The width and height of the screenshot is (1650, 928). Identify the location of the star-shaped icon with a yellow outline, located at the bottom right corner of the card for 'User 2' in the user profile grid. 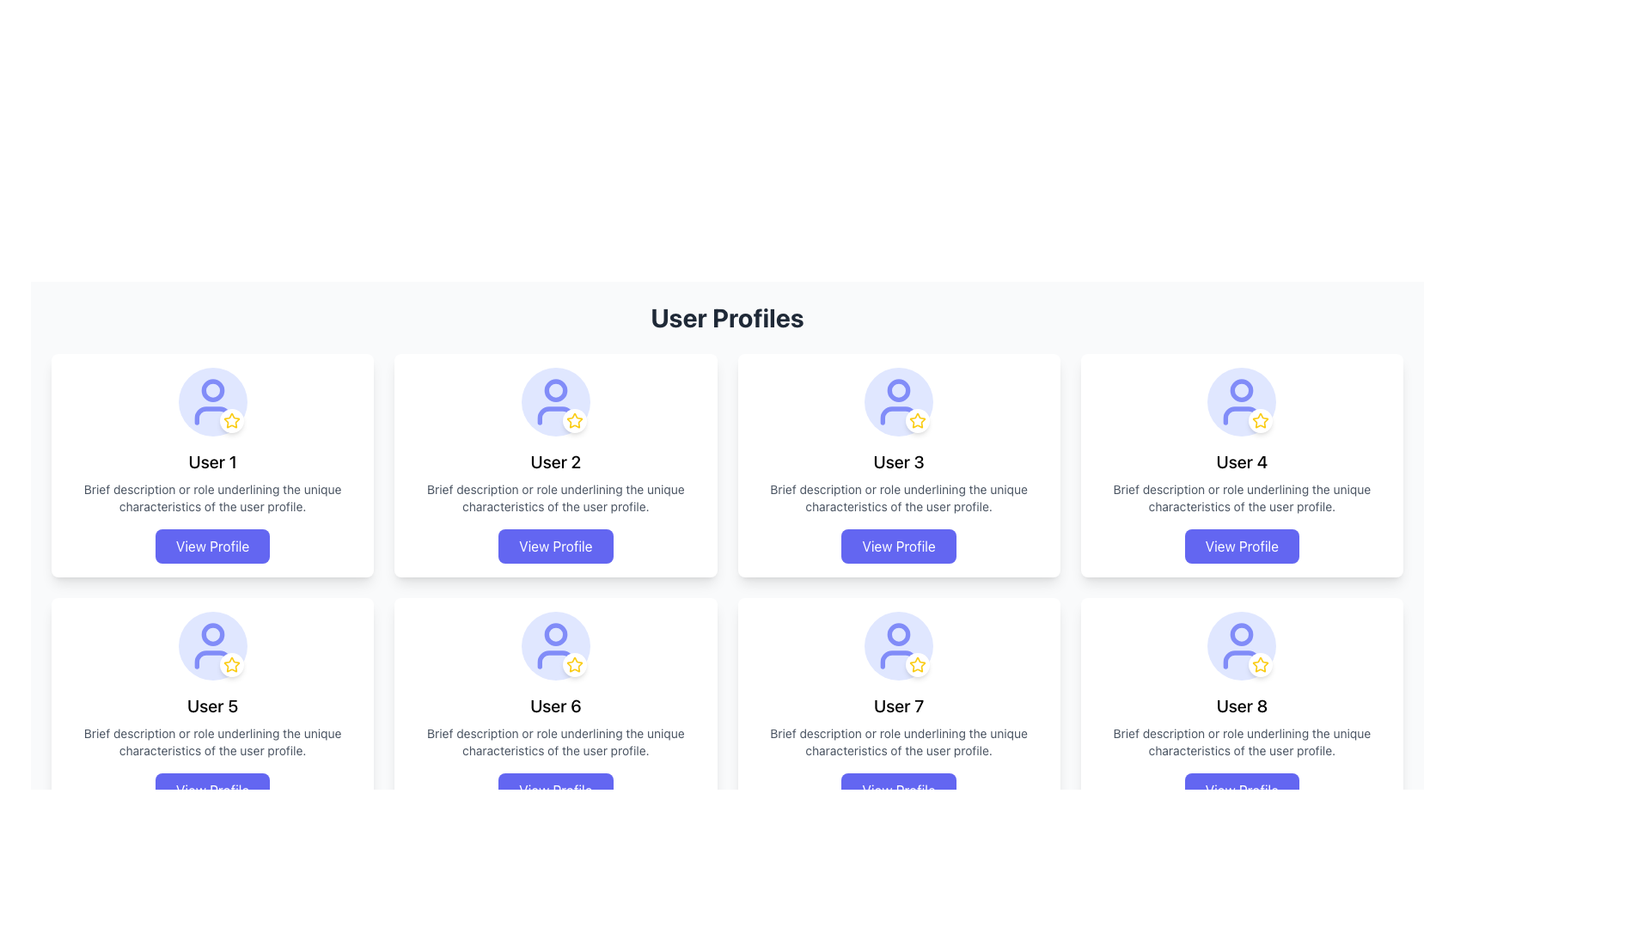
(574, 420).